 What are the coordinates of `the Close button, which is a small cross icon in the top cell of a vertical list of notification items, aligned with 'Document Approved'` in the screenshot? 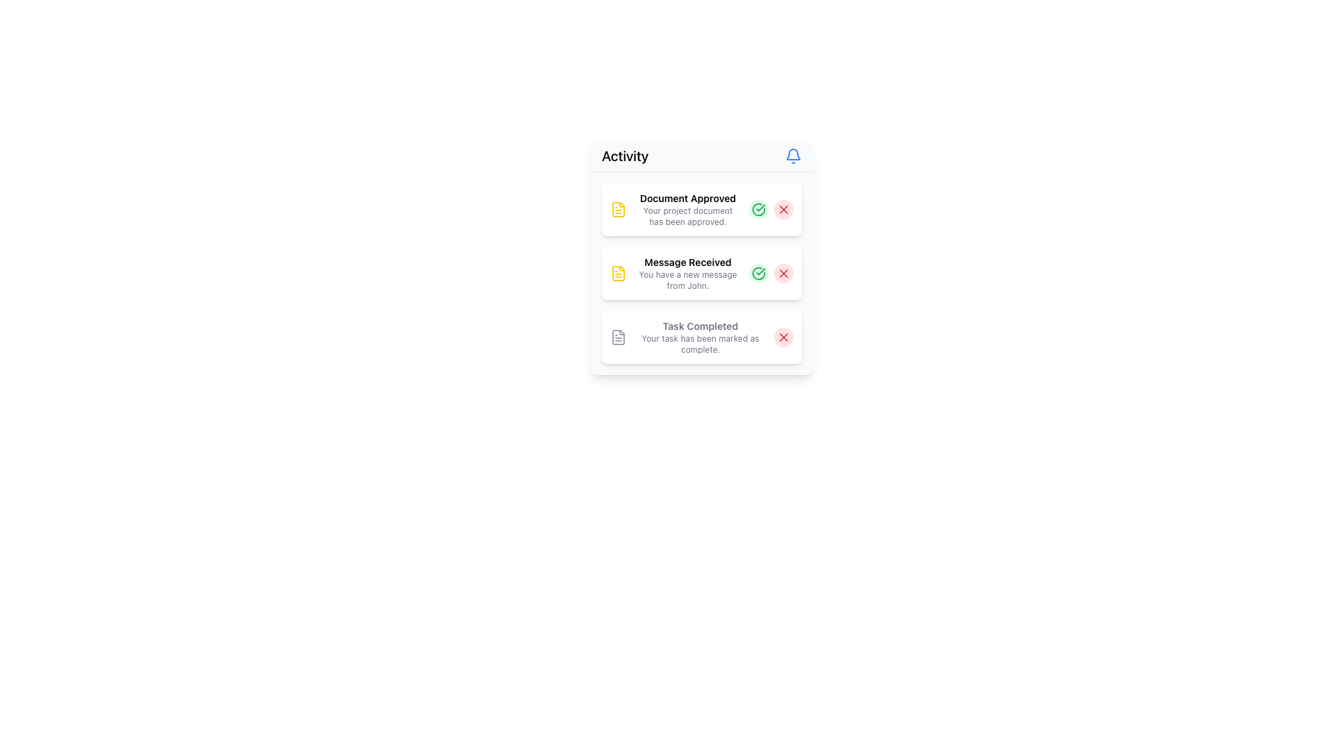 It's located at (783, 209).